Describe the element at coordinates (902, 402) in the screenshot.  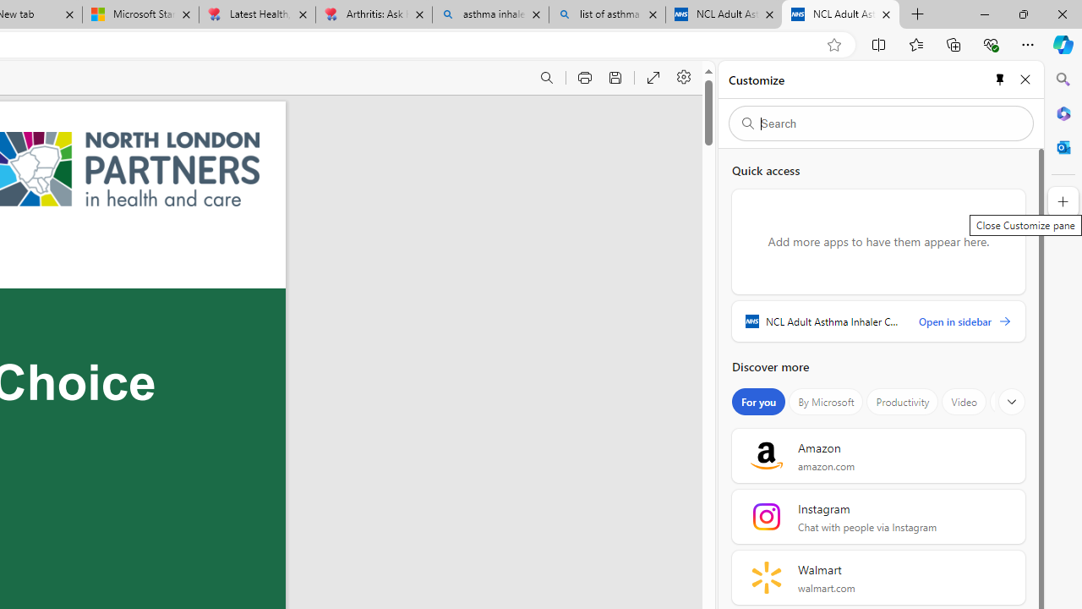
I see `'Productivity'` at that location.